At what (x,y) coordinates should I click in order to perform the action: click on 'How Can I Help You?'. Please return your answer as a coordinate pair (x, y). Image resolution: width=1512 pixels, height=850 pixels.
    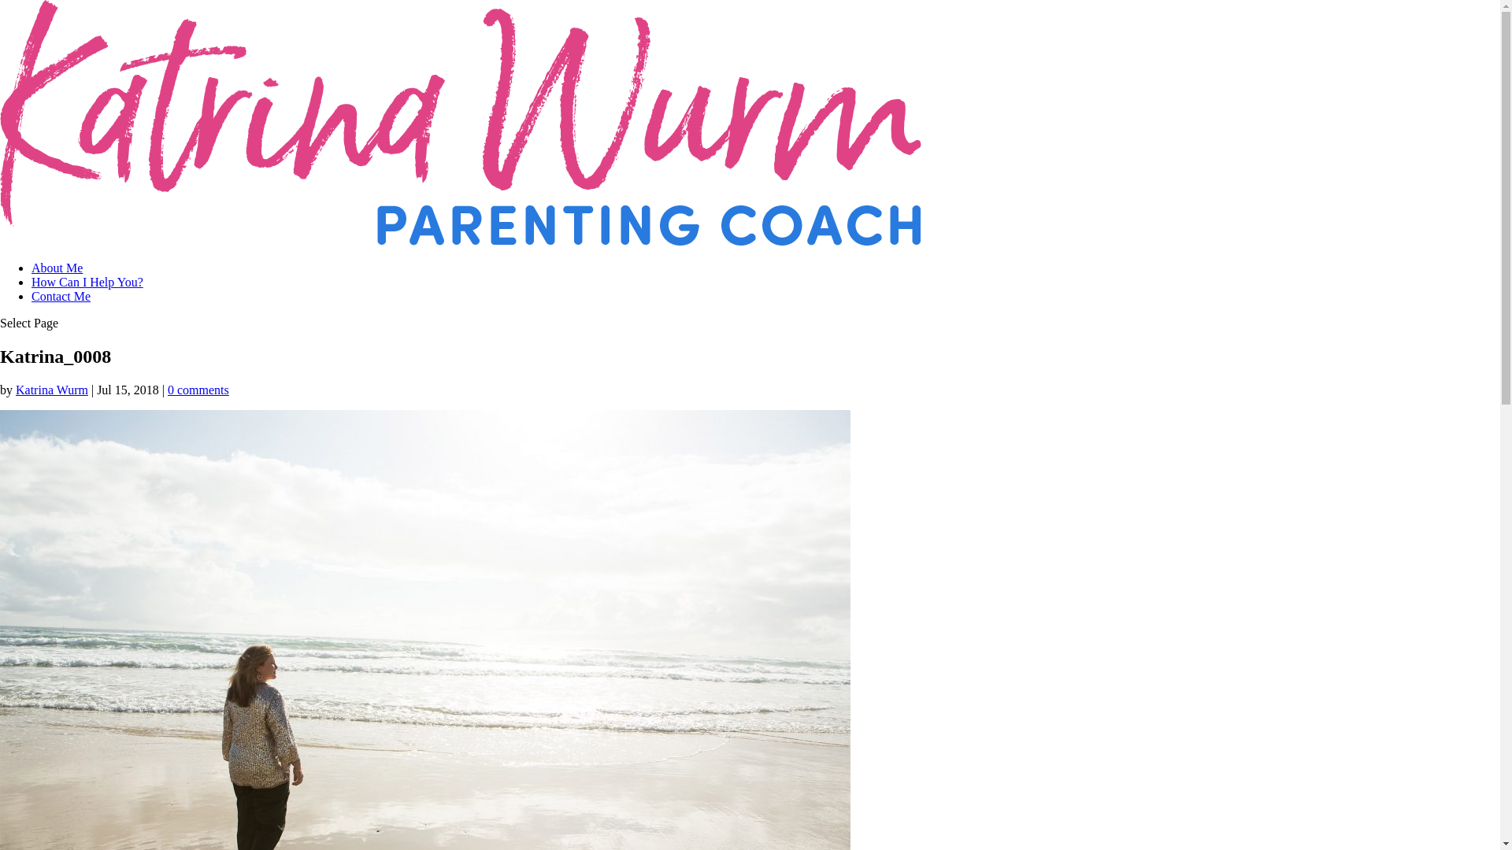
    Looking at the image, I should click on (86, 281).